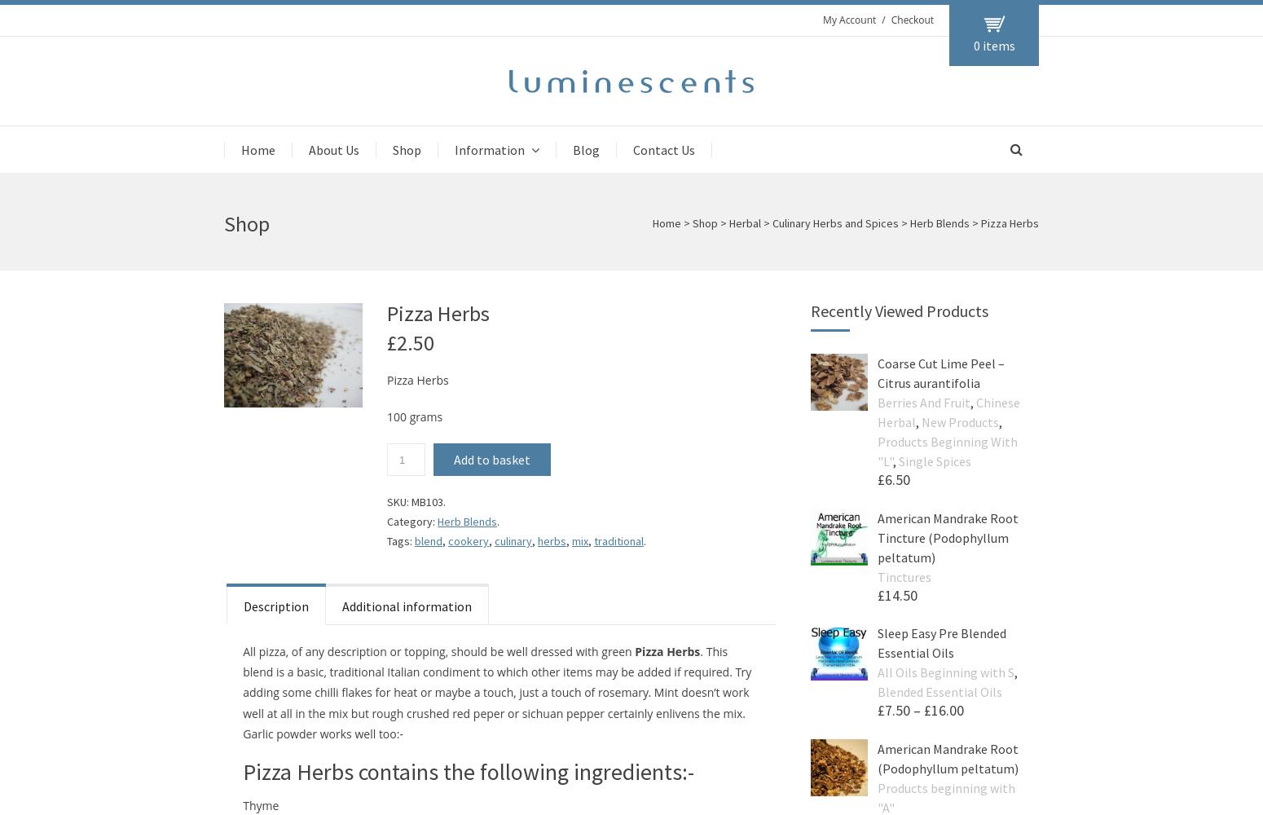  I want to click on 'All Oils Beginning with S', so click(944, 672).